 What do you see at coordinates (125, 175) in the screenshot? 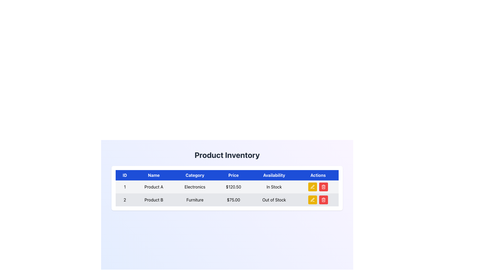
I see `the Table Header Cell that represents the 'ID' field, located at the very left of the topmost row in the table layout` at bounding box center [125, 175].